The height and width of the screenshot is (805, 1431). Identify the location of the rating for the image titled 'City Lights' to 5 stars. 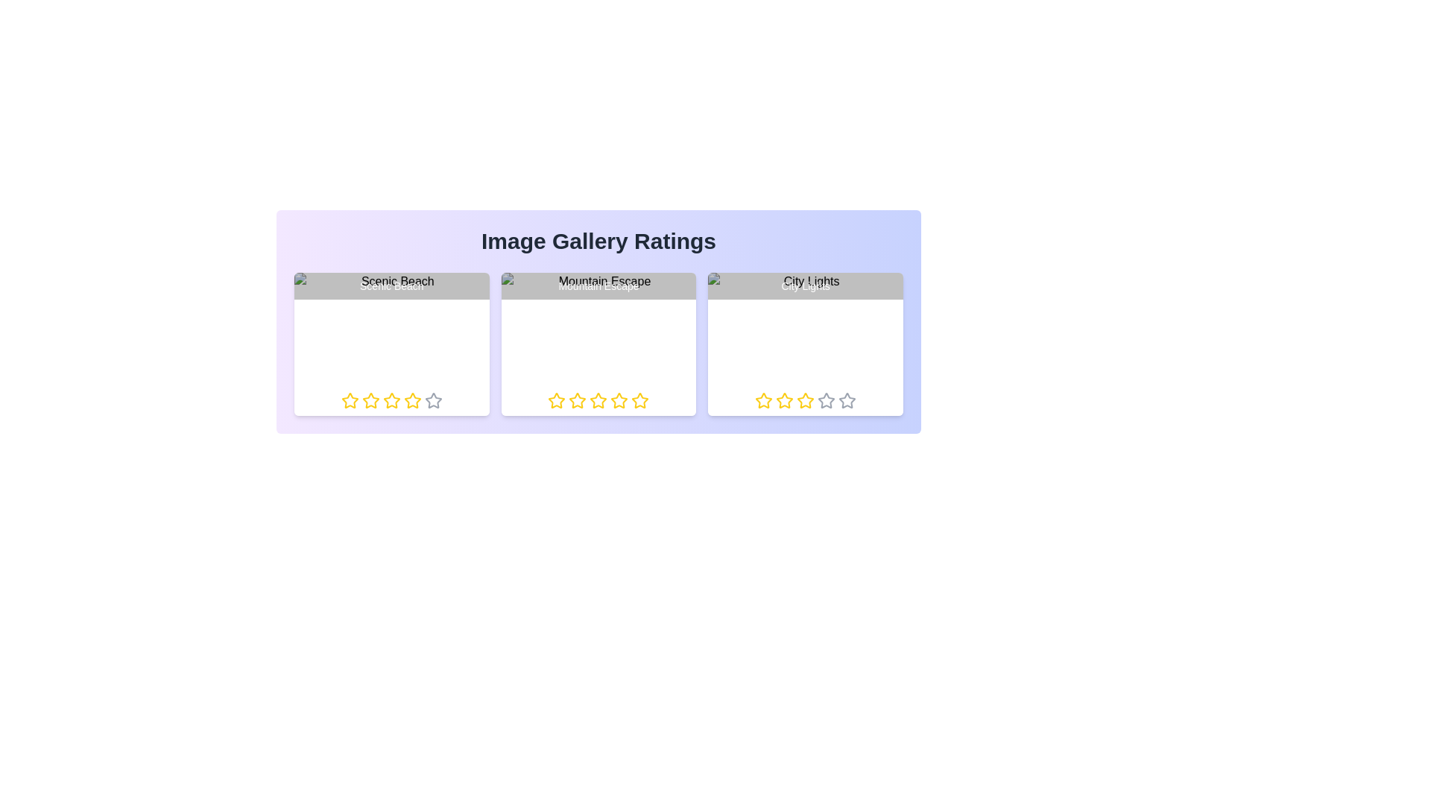
(838, 400).